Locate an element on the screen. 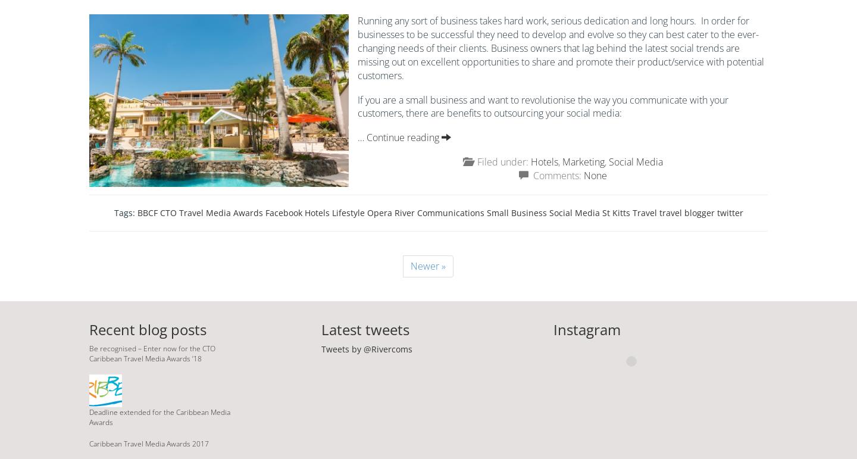 This screenshot has width=857, height=459. 'St Kitts' is located at coordinates (615, 212).